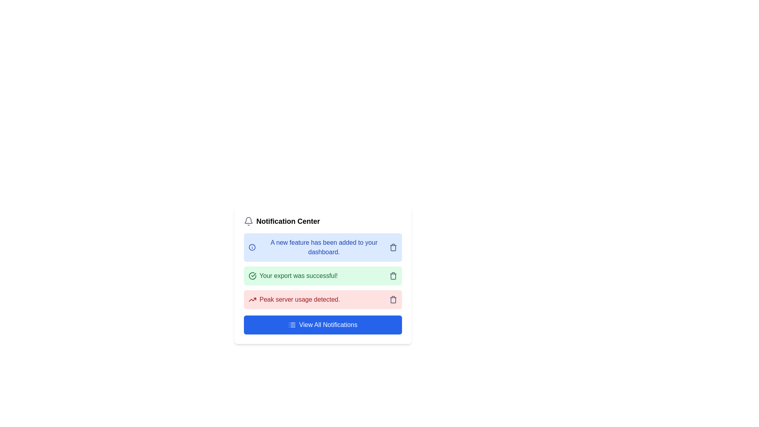  I want to click on checkmark icon associated with the notification message that says 'Your export was successful!' which is styled with a green background, so click(293, 276).